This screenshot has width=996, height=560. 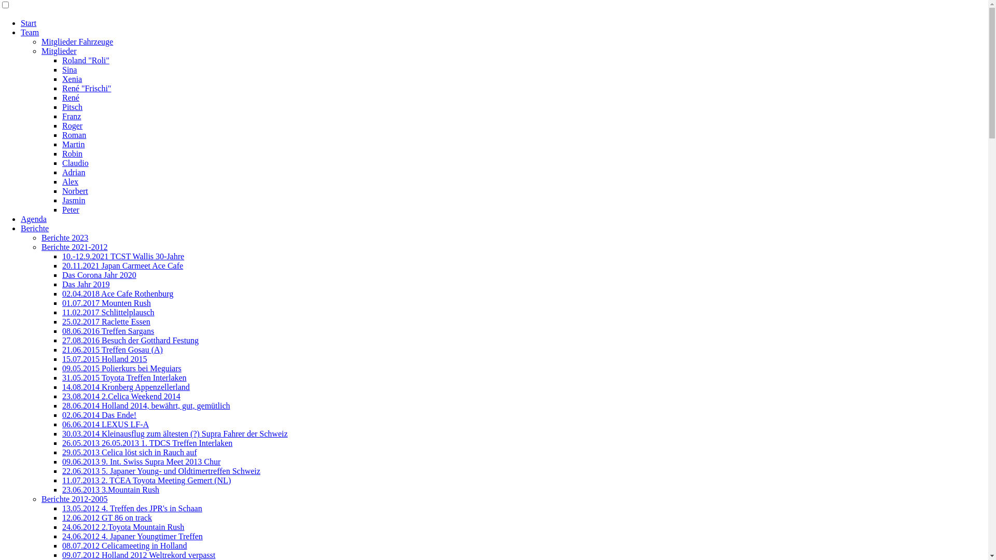 I want to click on 'Roman', so click(x=74, y=134).